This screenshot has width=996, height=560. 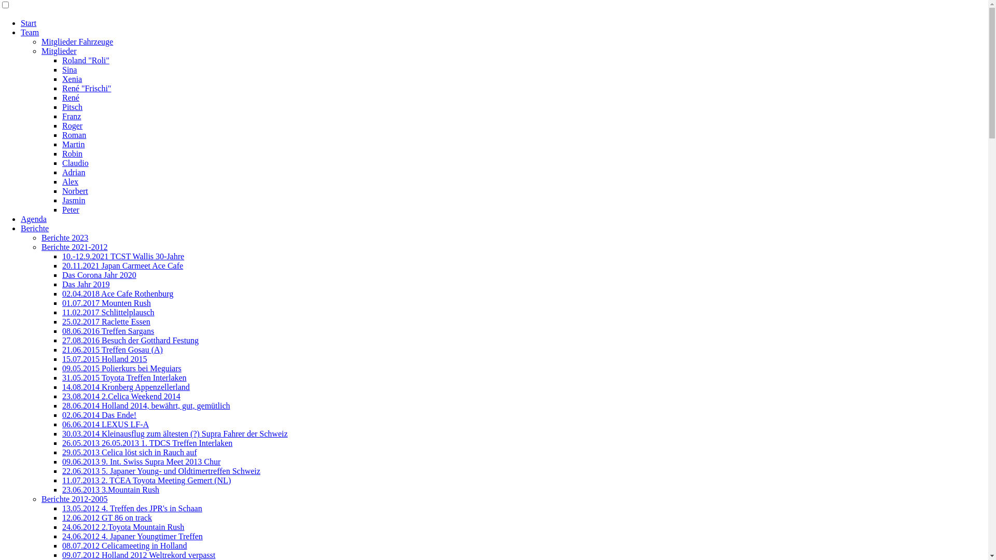 I want to click on 'Roman', so click(x=74, y=134).